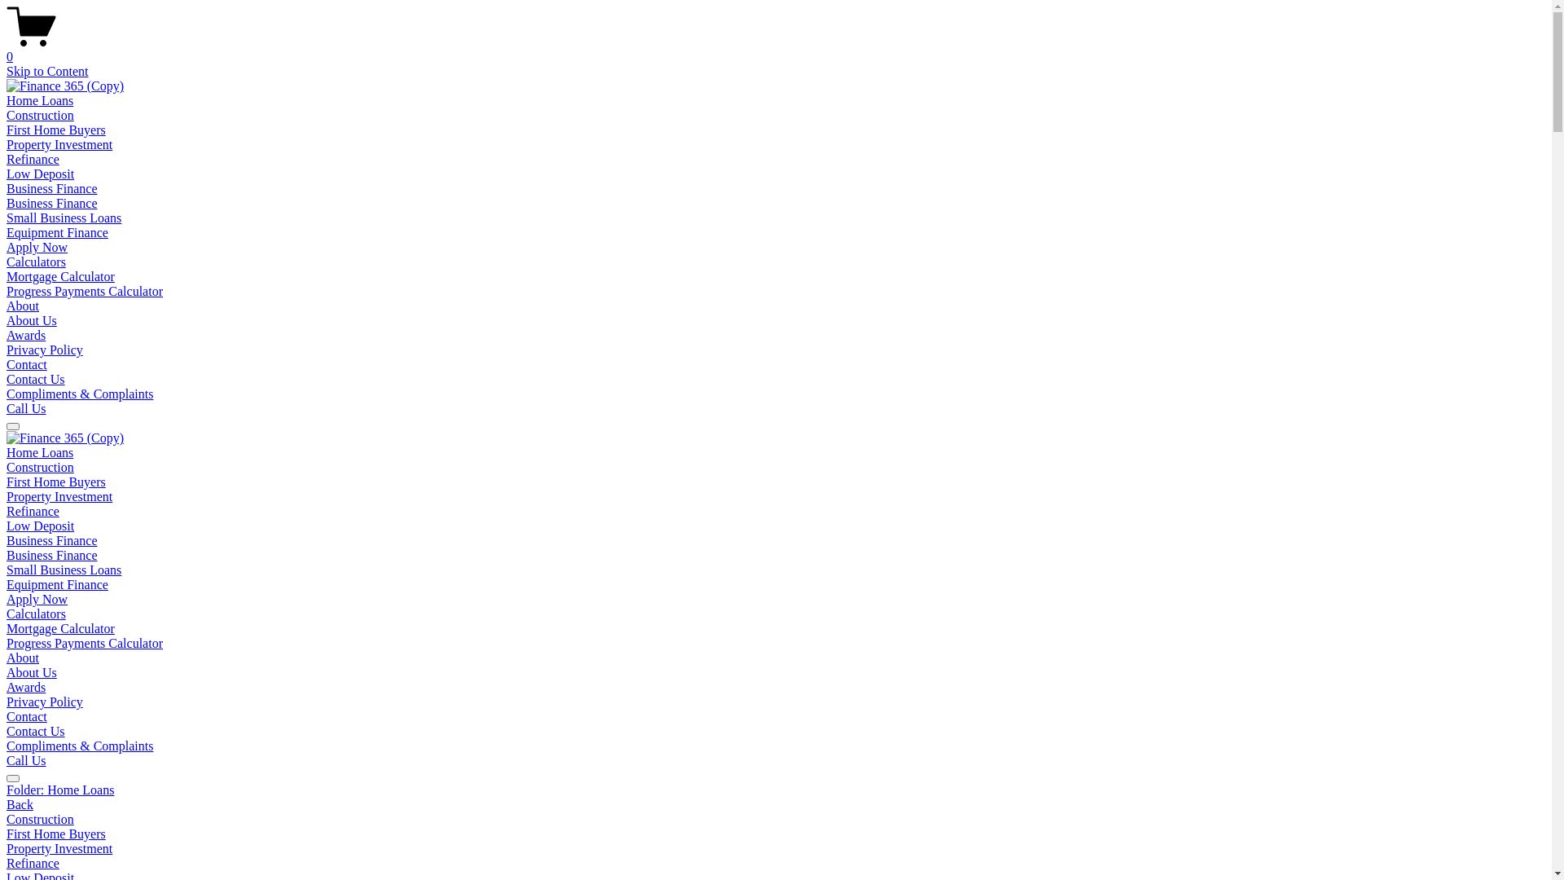 This screenshot has width=1564, height=880. I want to click on 'Progress Payments Calculator', so click(84, 642).